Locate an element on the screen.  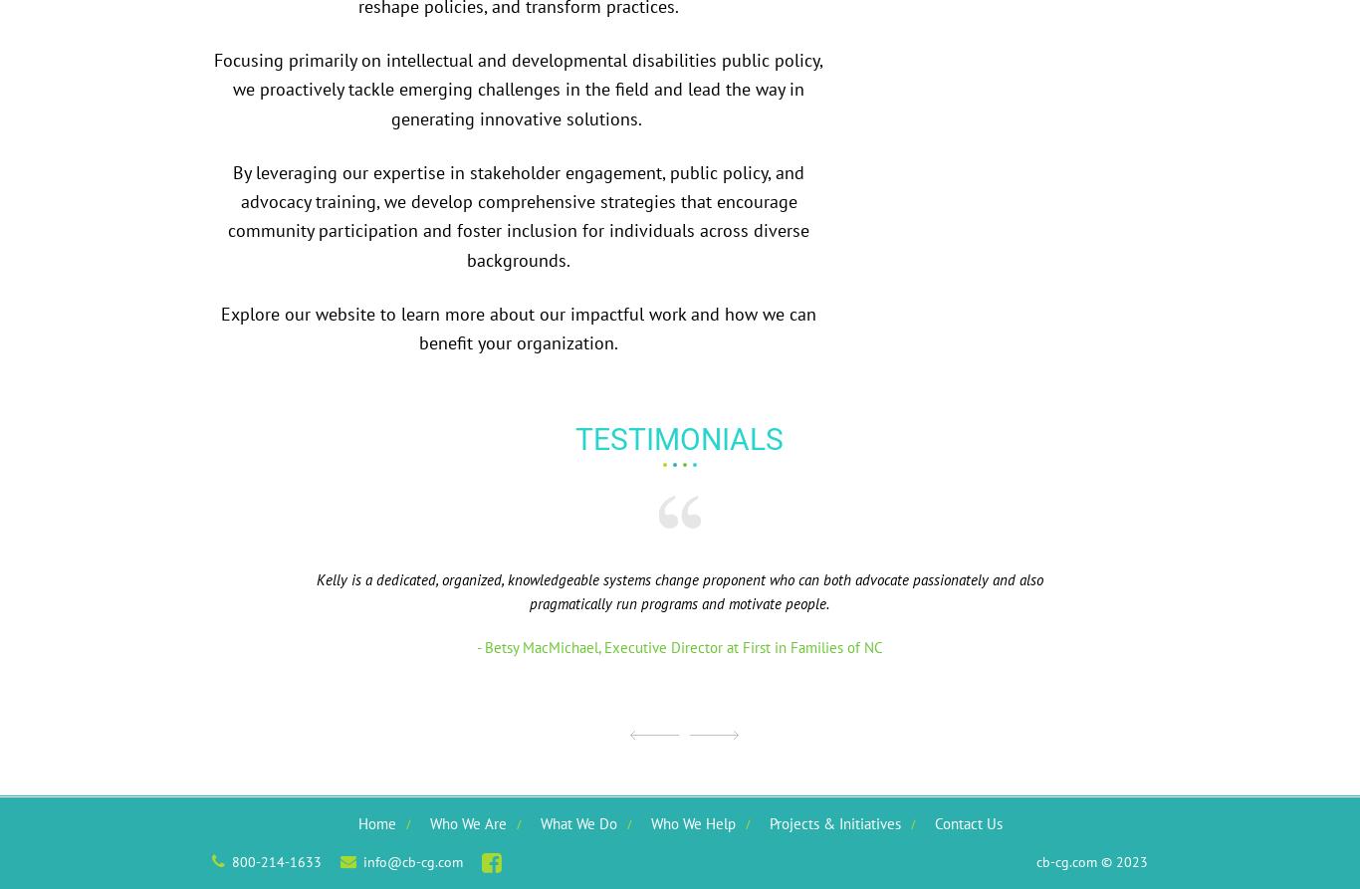
'By leveraging our expertise in stakeholder engagement, public policy, and advocacy training, we develop comprehensive strategies that encourage community participation and foster inclusion for individuals across diverse backgrounds.' is located at coordinates (518, 214).